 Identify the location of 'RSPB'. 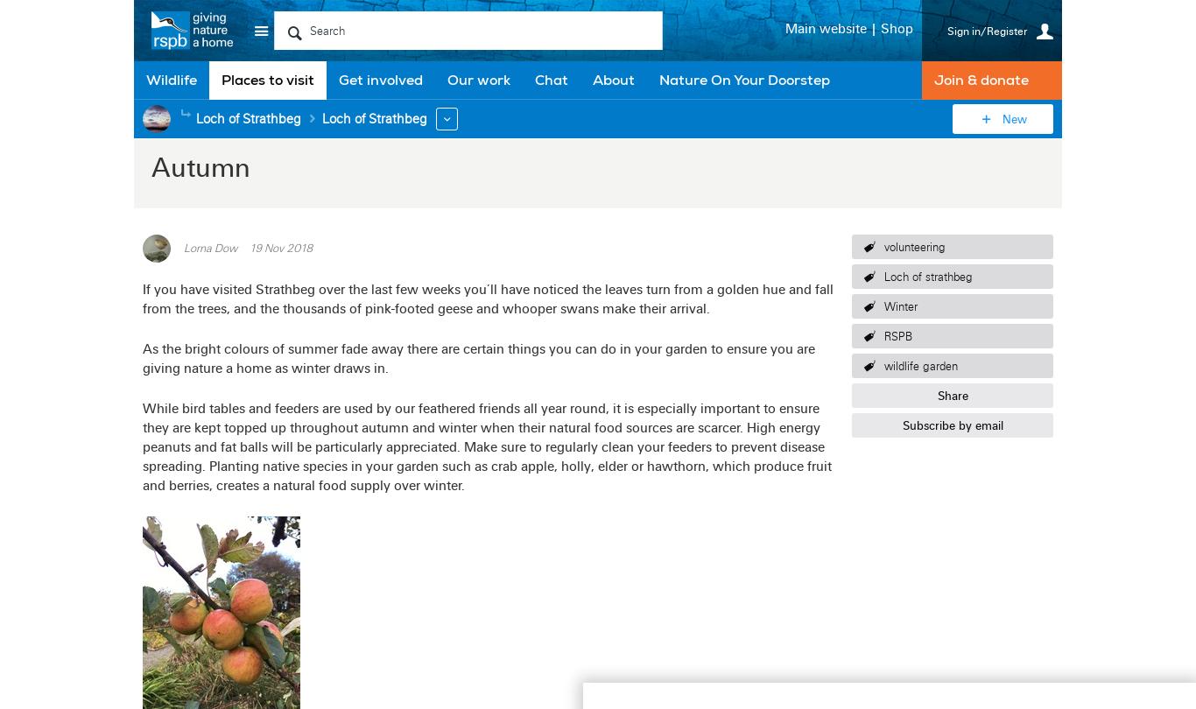
(897, 335).